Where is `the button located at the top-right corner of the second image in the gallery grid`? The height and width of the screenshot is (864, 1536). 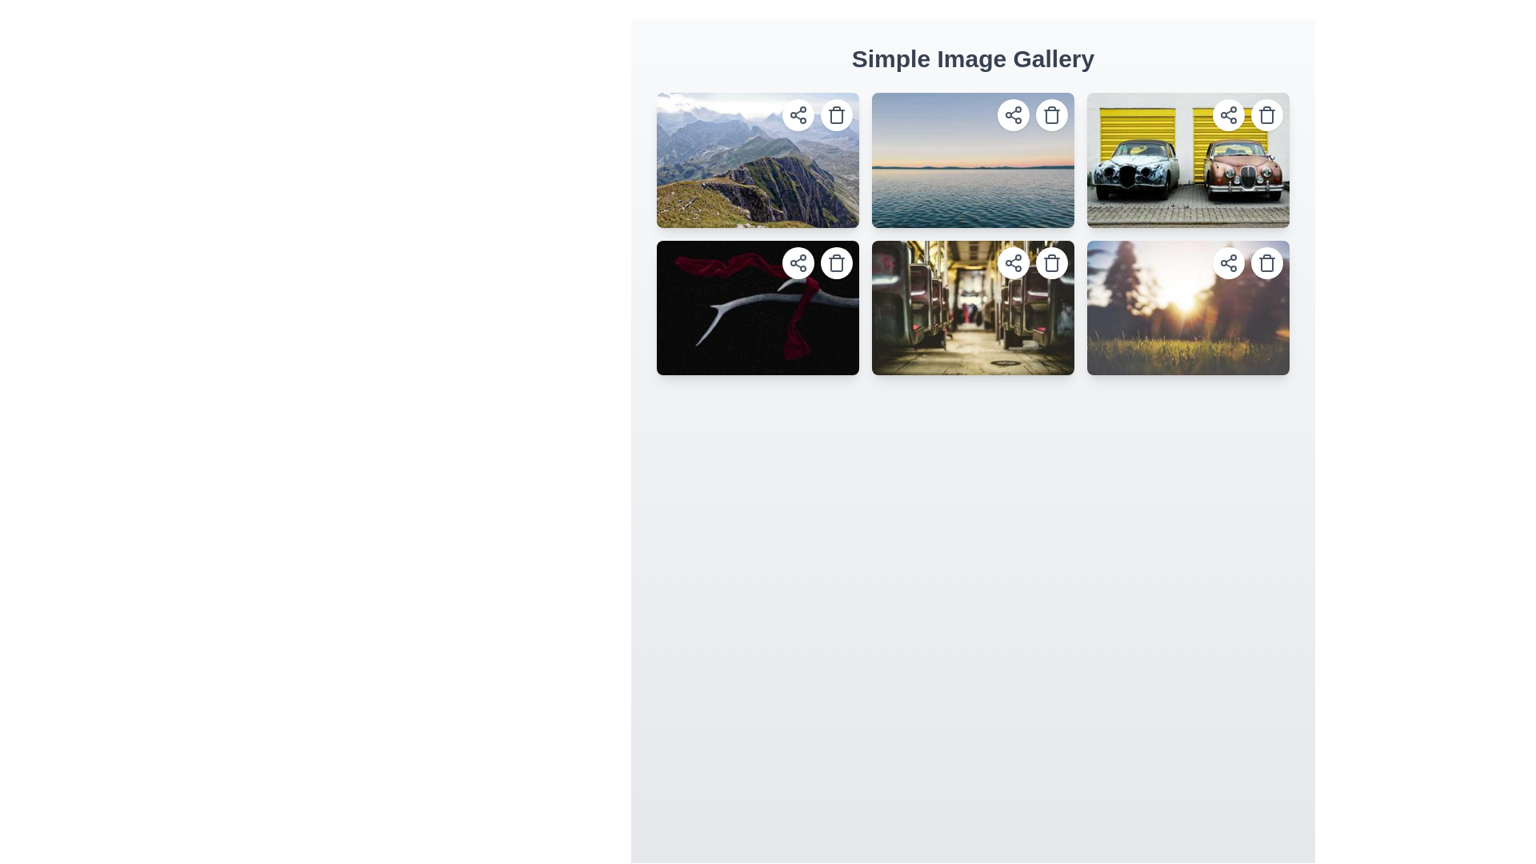 the button located at the top-right corner of the second image in the gallery grid is located at coordinates (1033, 114).